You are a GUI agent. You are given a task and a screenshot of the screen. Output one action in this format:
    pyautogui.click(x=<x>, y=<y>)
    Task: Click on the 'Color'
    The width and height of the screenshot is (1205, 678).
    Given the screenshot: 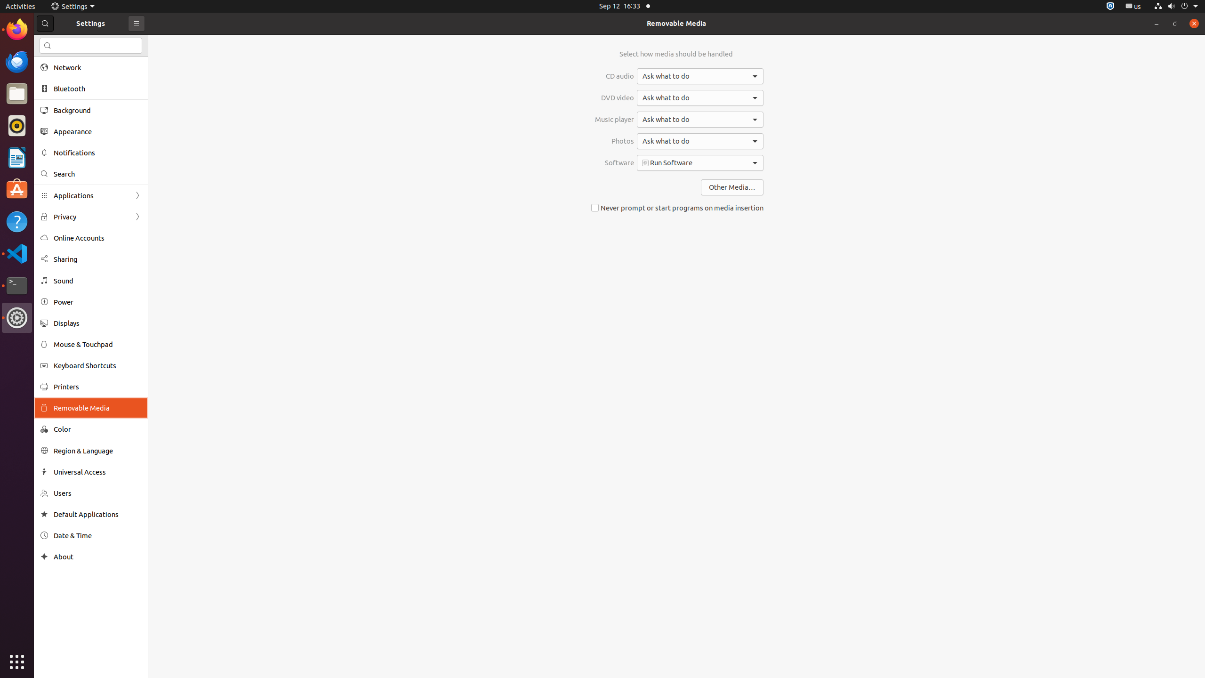 What is the action you would take?
    pyautogui.click(x=97, y=429)
    